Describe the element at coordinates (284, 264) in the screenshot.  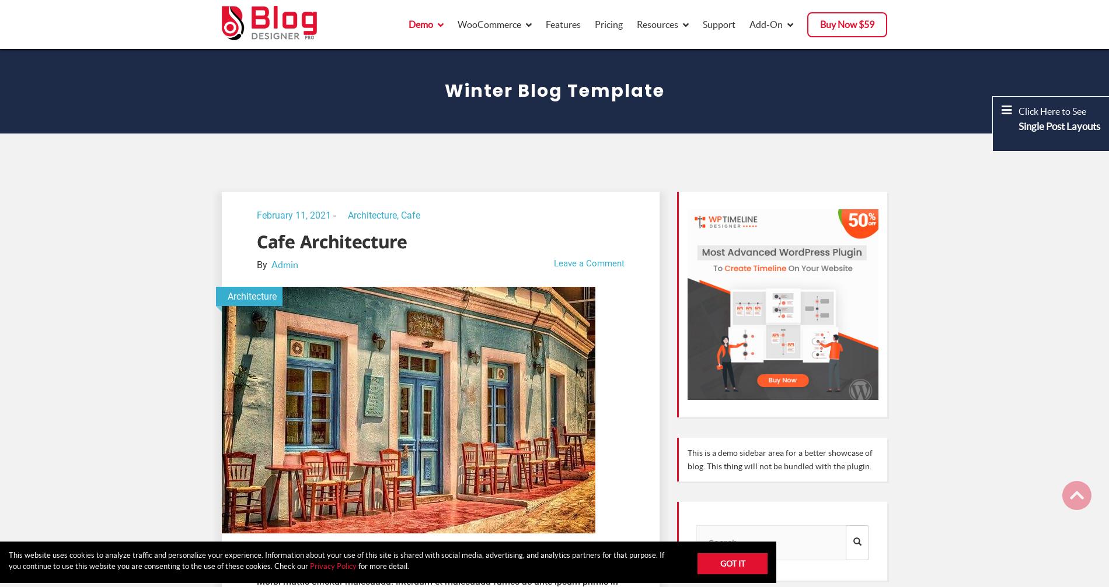
I see `'Admin'` at that location.